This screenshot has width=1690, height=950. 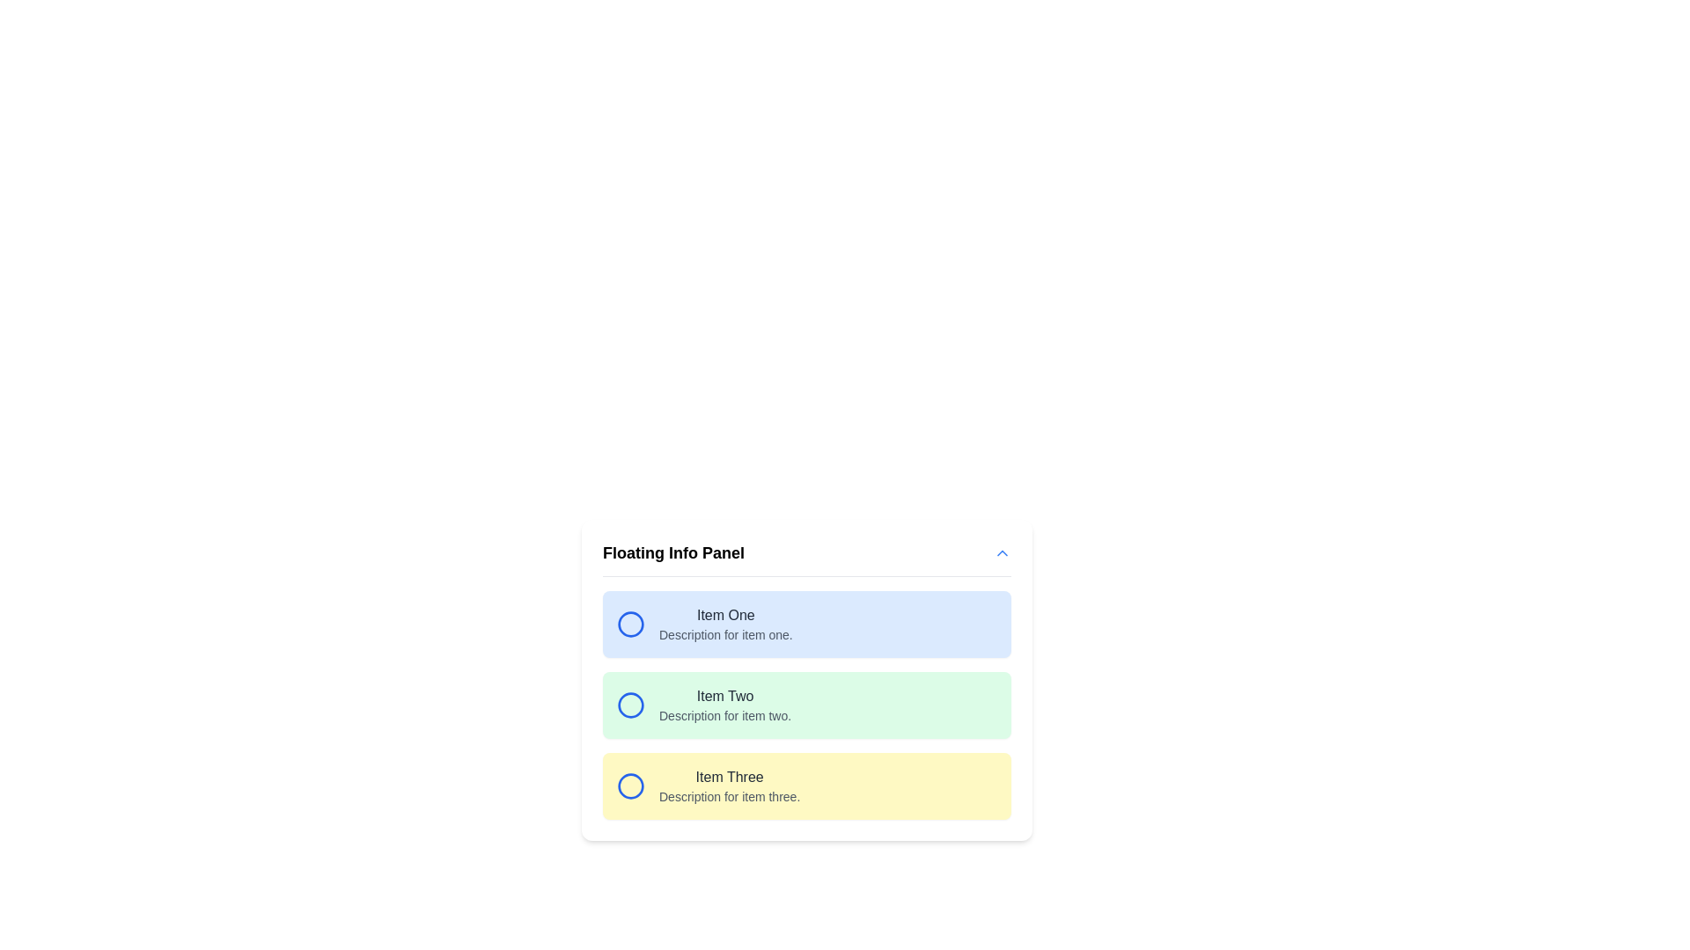 I want to click on textual information displayed for the first item in the vertically stacked list within the 'Floating Info Panel', so click(x=725, y=623).